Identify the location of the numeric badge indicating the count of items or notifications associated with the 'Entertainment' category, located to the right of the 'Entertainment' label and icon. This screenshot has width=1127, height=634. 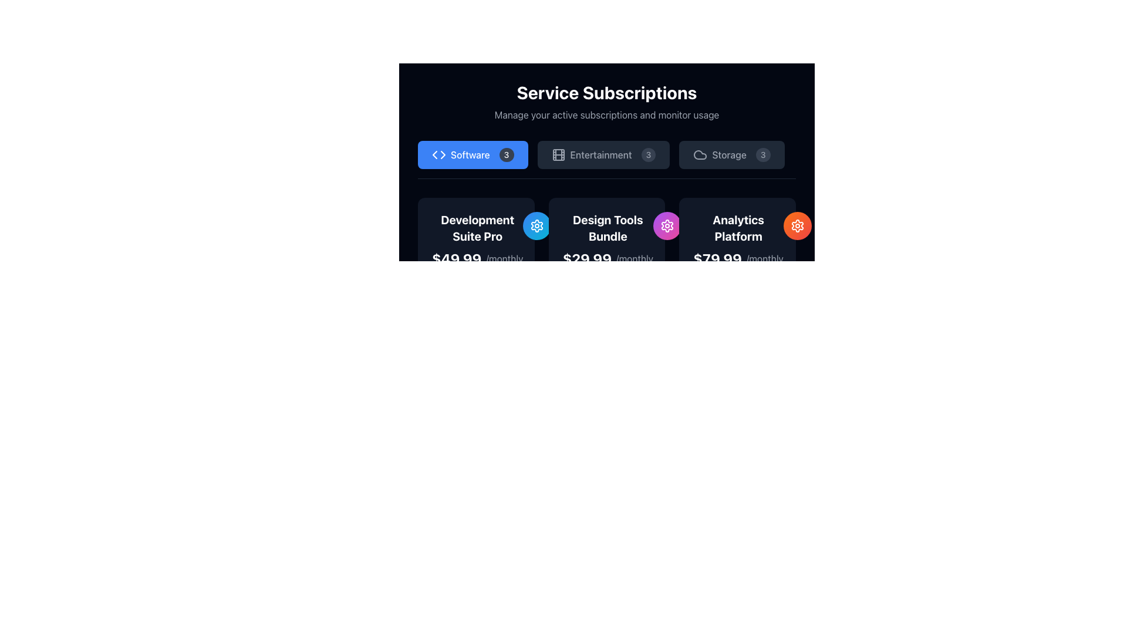
(647, 154).